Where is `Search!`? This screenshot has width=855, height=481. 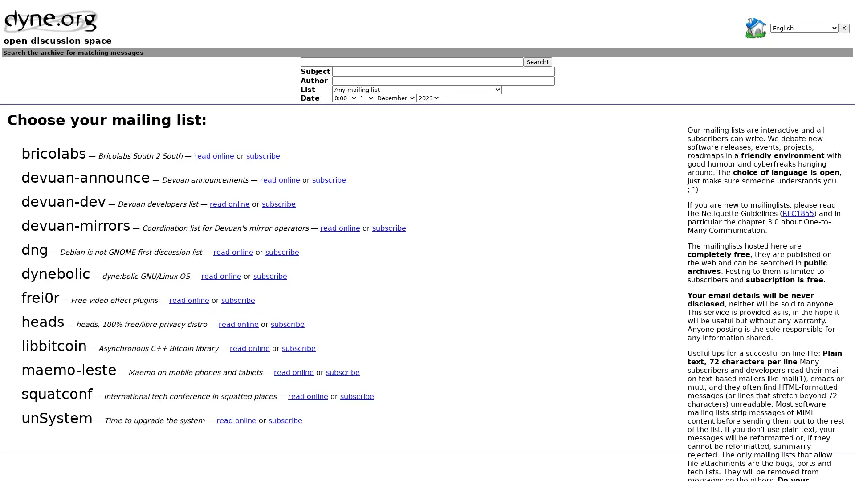
Search! is located at coordinates (537, 61).